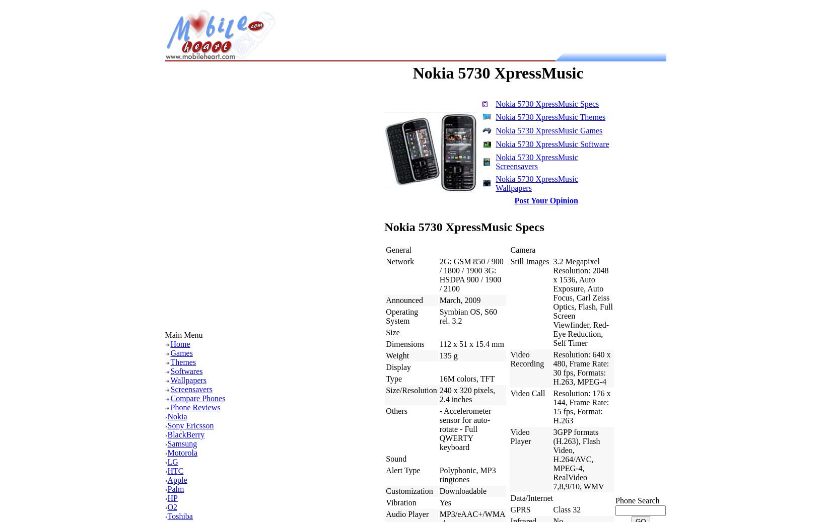 The width and height of the screenshot is (831, 522). What do you see at coordinates (241, 245) in the screenshot?
I see `'Nokia 5730 XpressMusic download'` at bounding box center [241, 245].